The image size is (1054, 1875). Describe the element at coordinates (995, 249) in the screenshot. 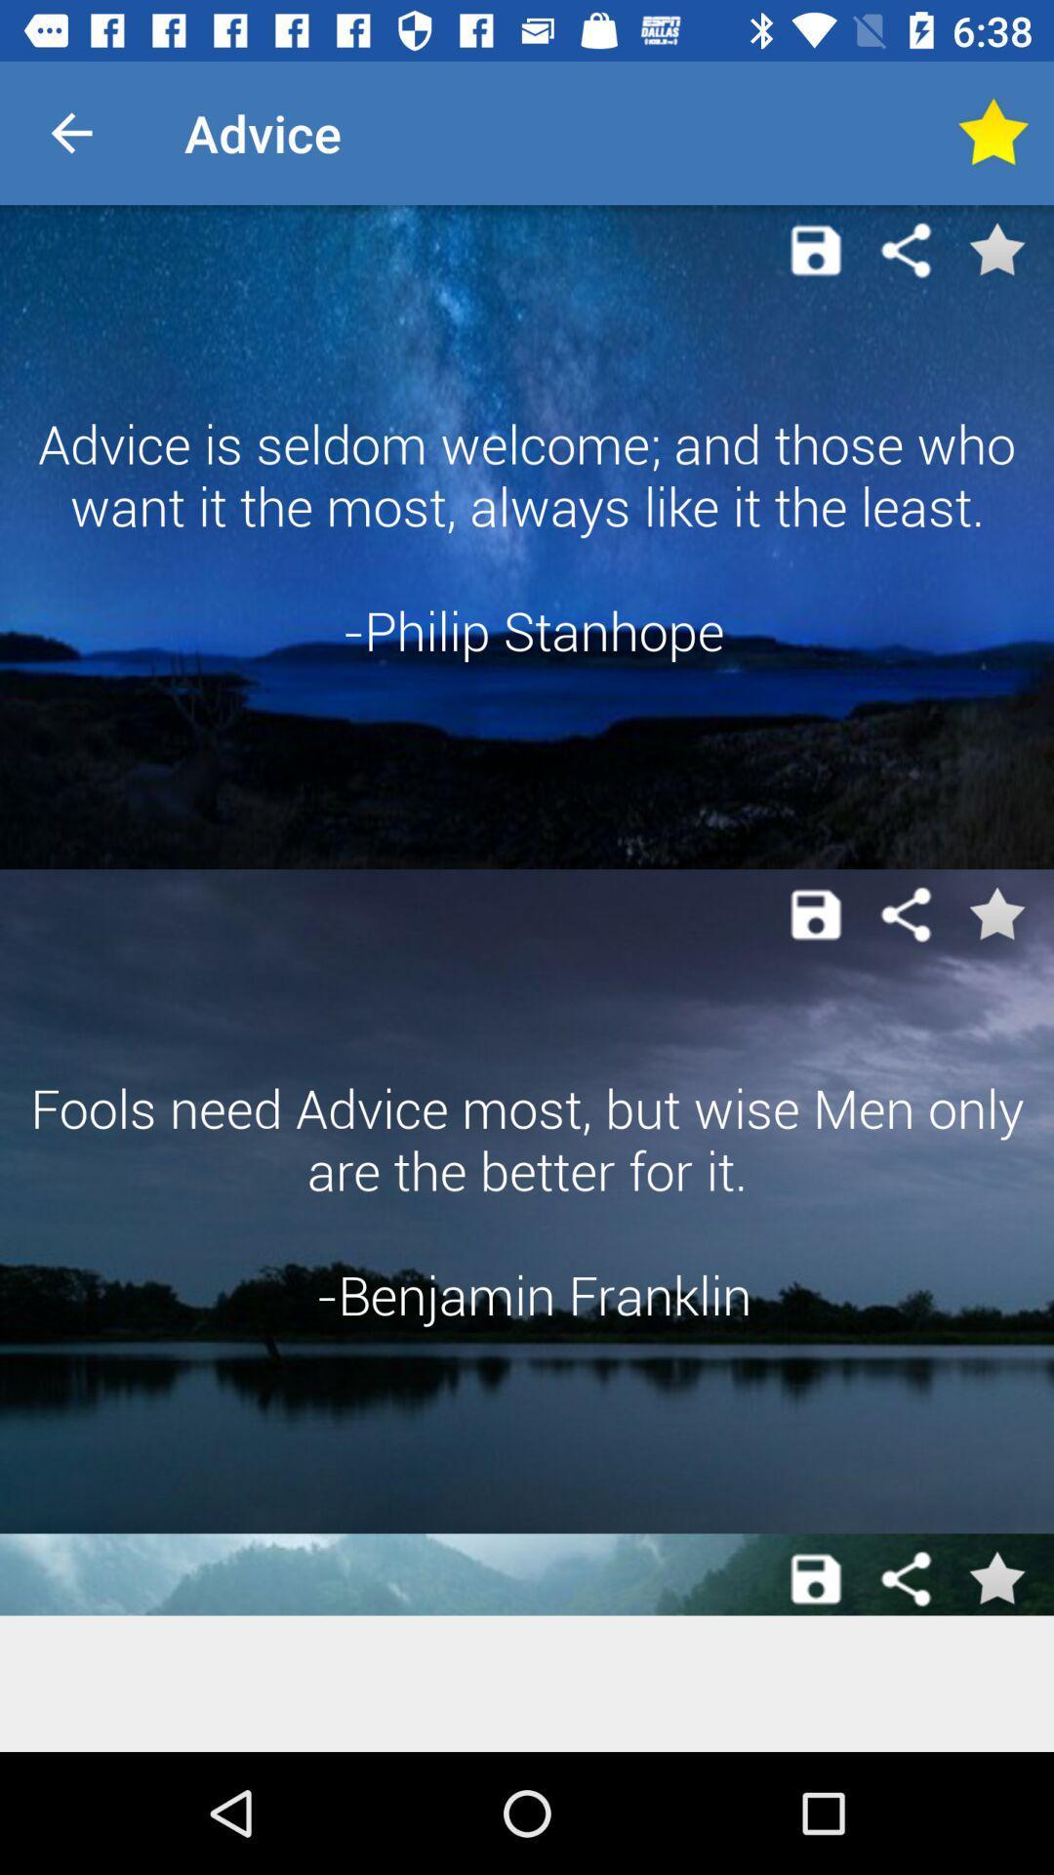

I see `the advice displayed` at that location.